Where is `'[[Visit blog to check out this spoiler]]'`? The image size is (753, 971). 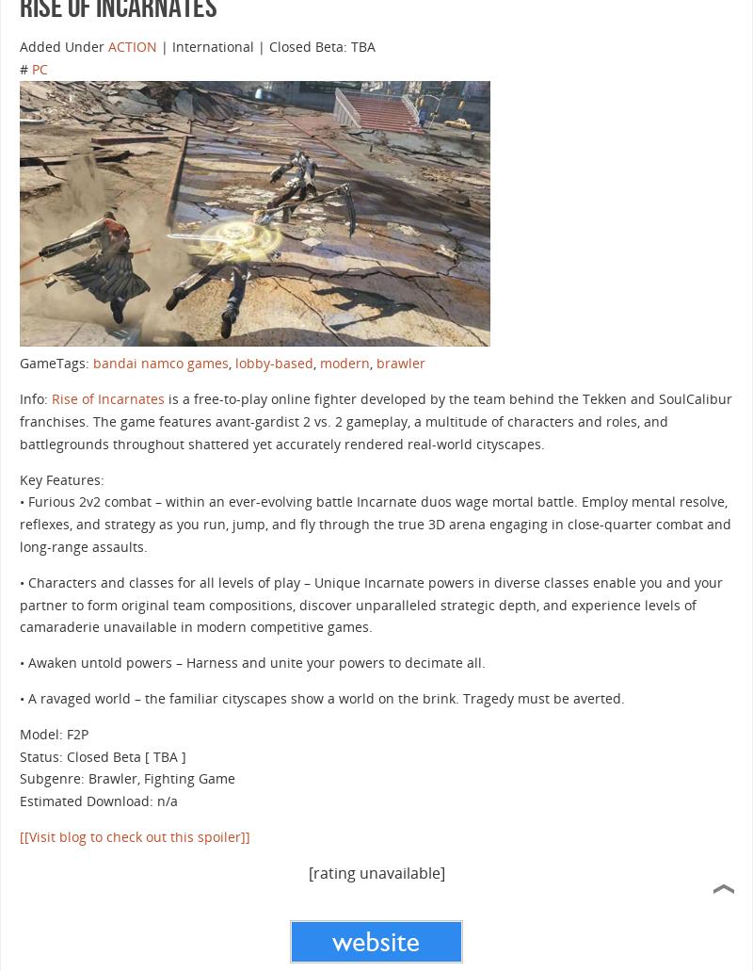
'[[Visit blog to check out this spoiler]]' is located at coordinates (19, 835).